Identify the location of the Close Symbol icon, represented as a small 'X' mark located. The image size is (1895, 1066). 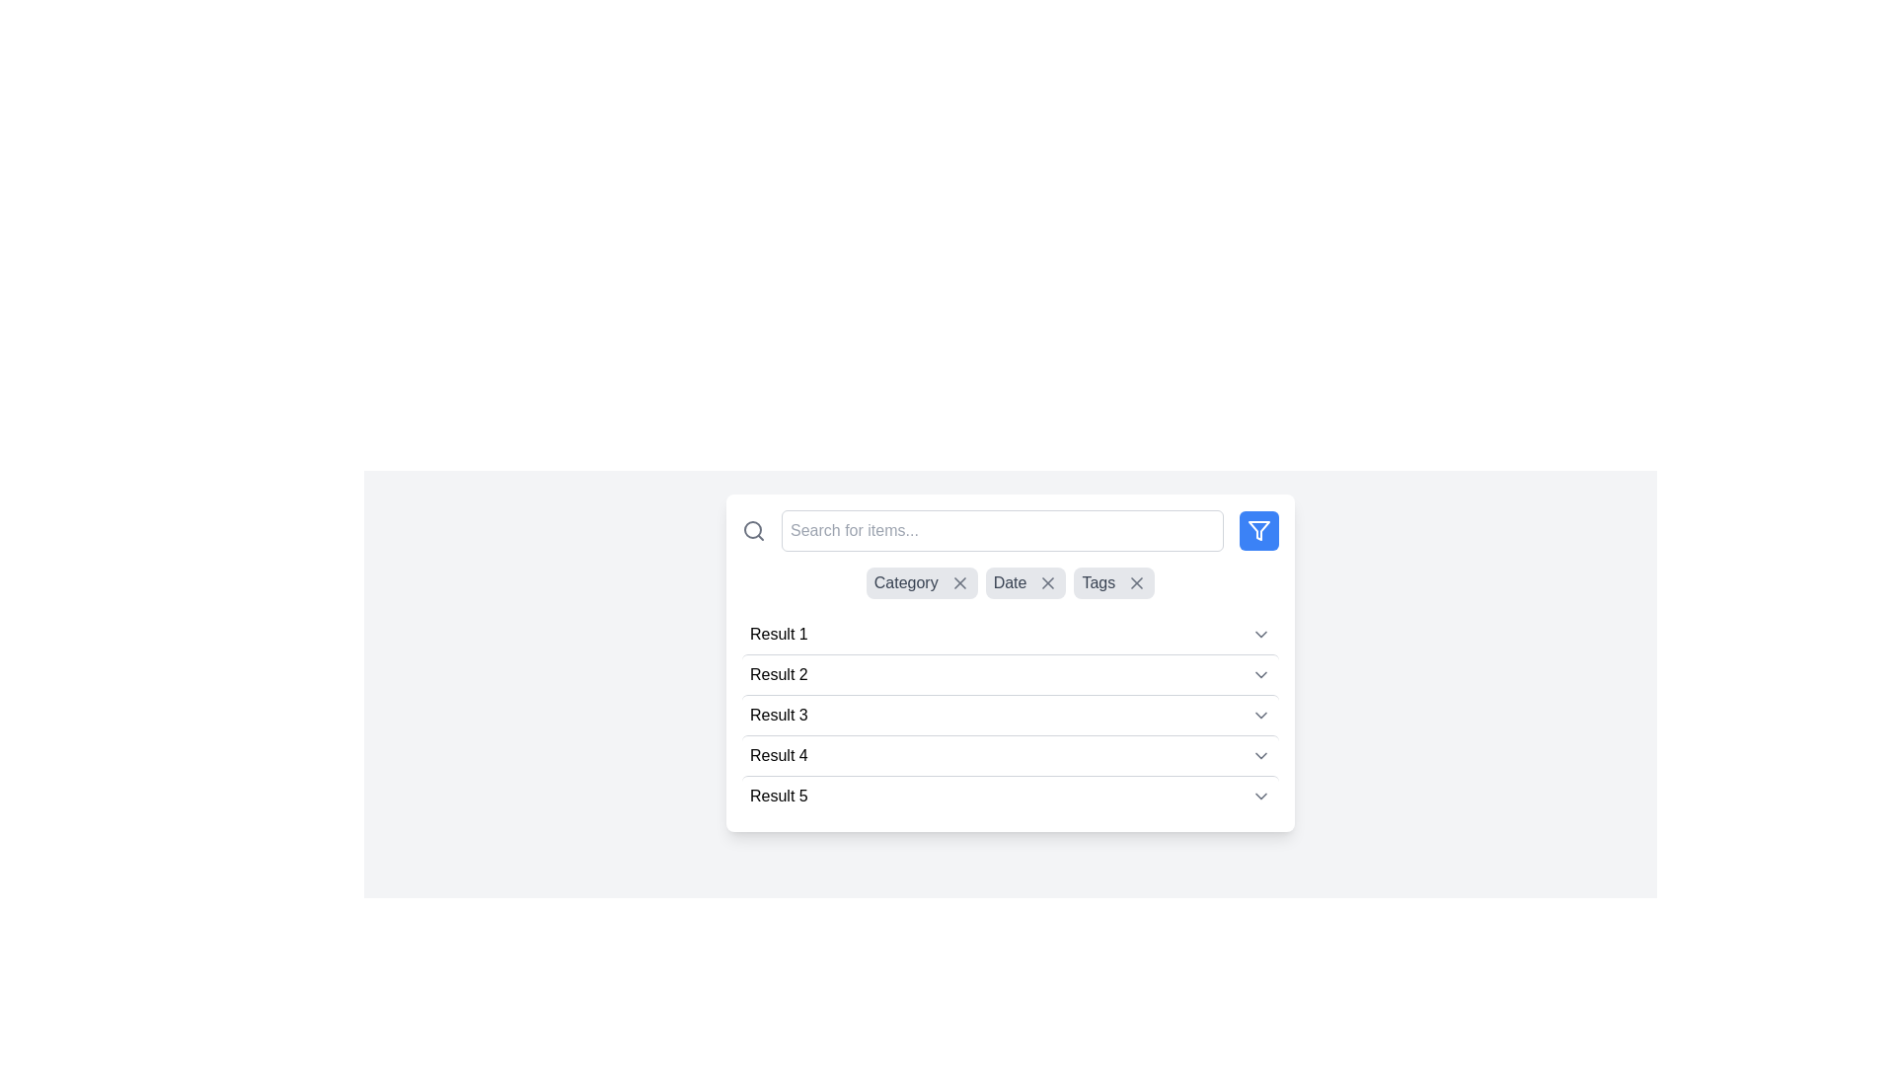
(1137, 581).